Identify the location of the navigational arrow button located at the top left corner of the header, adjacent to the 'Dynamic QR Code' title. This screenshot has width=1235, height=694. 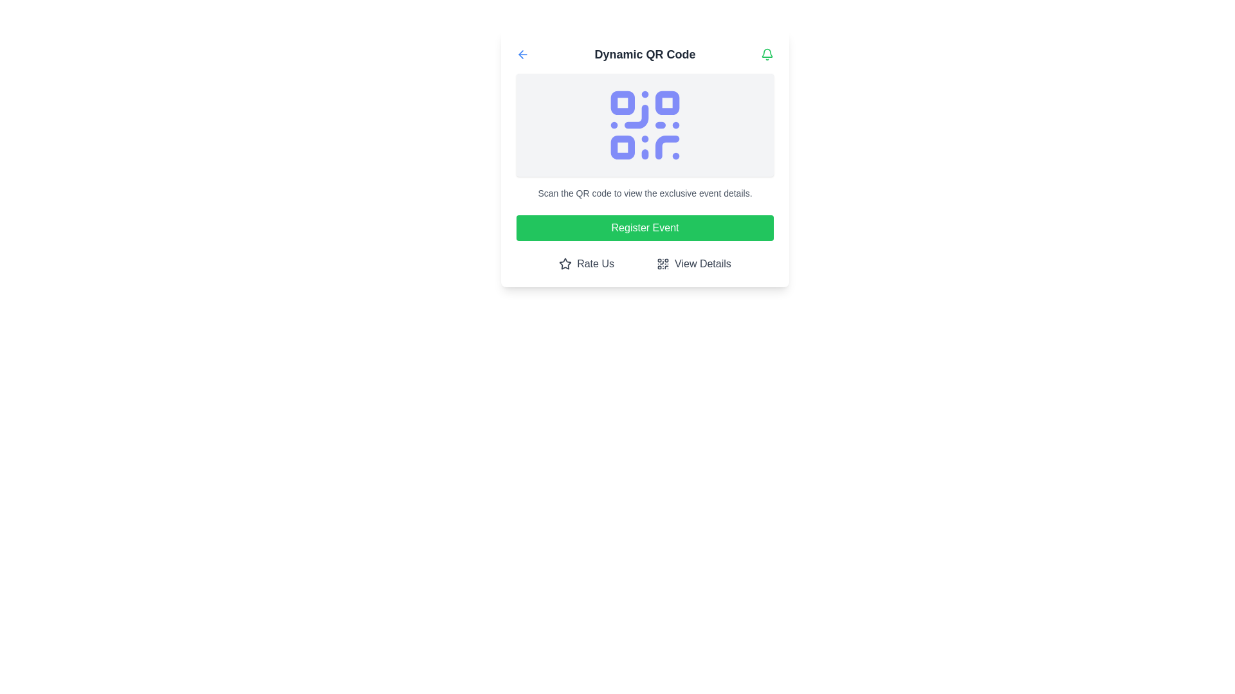
(522, 53).